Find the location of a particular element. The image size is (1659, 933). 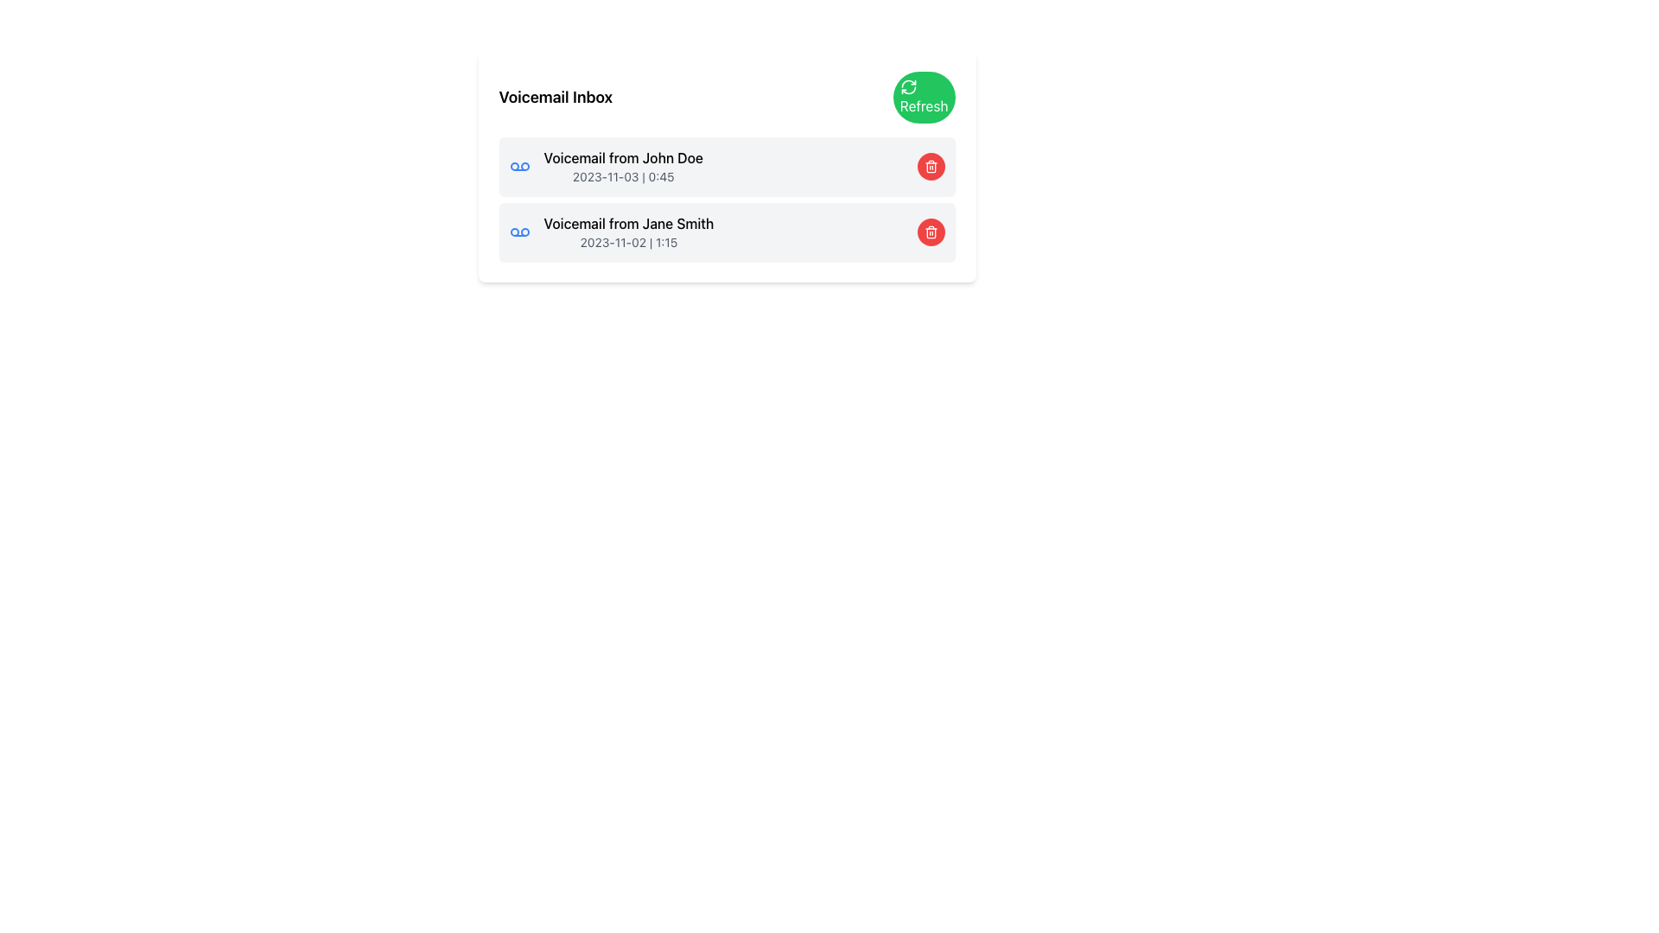

the voicemail entry displaying details about the sender and timestamp, located in the second row of the voicemail list, positioned between 'Voicemail from John Doe' and a blank section is located at coordinates (627, 232).